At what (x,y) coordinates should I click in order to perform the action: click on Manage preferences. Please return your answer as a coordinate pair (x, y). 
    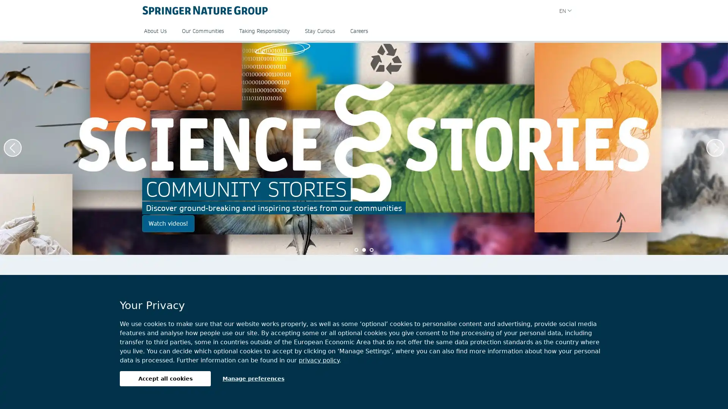
    Looking at the image, I should click on (253, 378).